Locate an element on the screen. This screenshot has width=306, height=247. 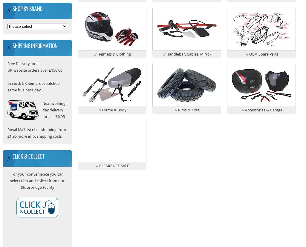
'Shipping Information' is located at coordinates (35, 46).